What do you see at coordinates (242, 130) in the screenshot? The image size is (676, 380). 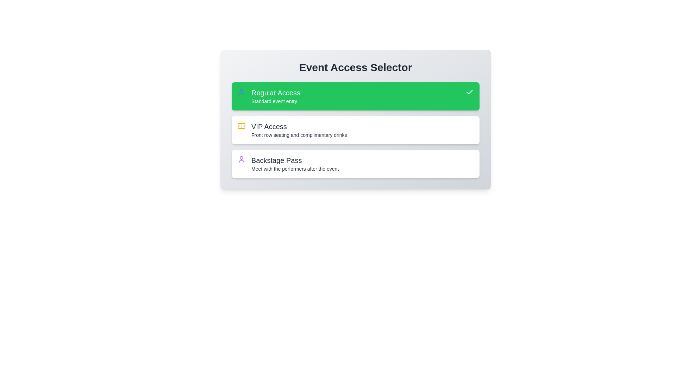 I see `the SVG graphic/icon representing the VIP Access feature, which is located on the left side of the 'VIP Access' option` at bounding box center [242, 130].